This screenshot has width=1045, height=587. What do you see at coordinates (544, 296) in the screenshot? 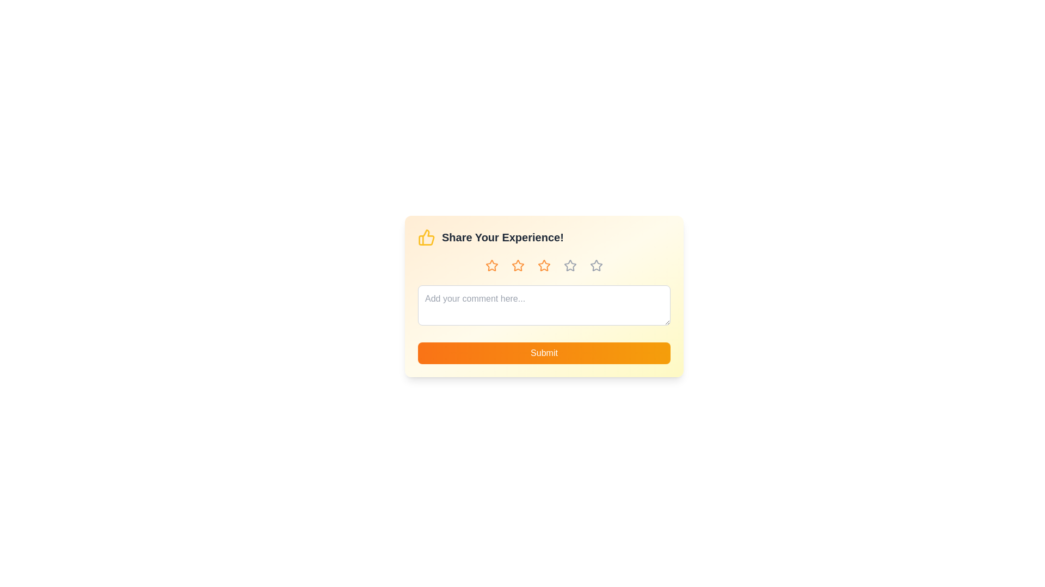
I see `the gradient background by applying a temporary visual effect` at bounding box center [544, 296].